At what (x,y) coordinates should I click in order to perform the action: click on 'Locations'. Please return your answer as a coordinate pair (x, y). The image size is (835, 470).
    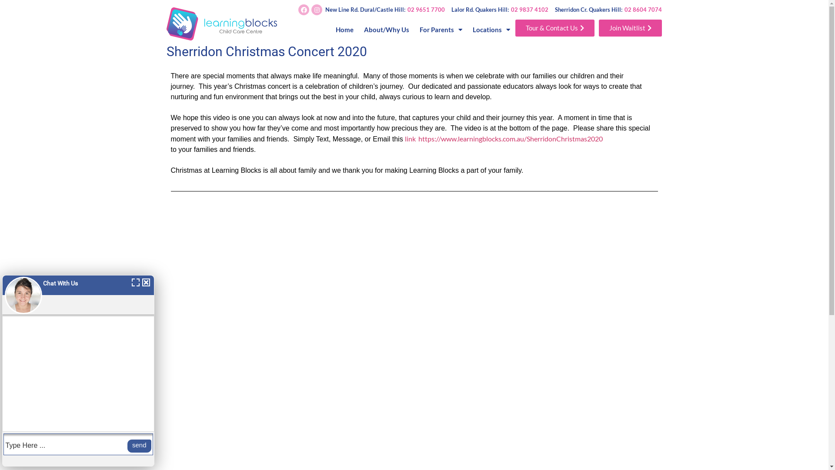
    Looking at the image, I should click on (491, 29).